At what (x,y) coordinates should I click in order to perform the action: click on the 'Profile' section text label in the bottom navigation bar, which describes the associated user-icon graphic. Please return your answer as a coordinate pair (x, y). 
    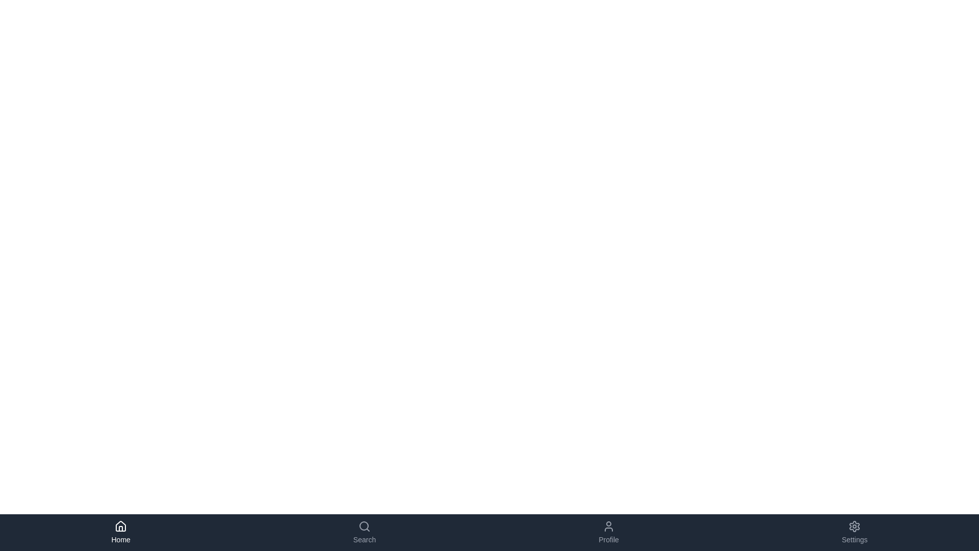
    Looking at the image, I should click on (609, 539).